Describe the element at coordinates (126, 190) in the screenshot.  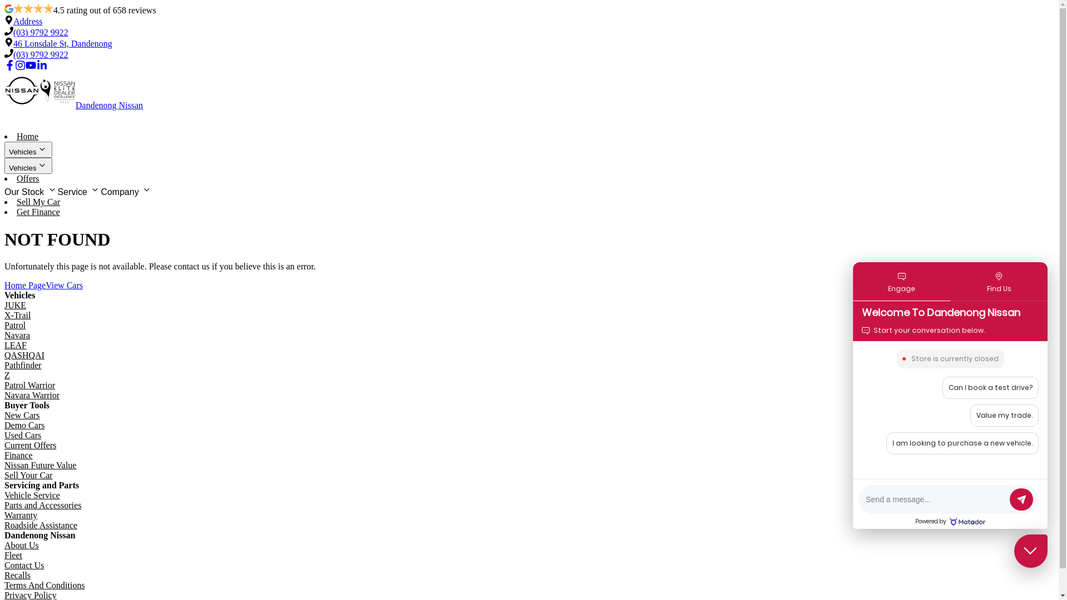
I see `'Company'` at that location.